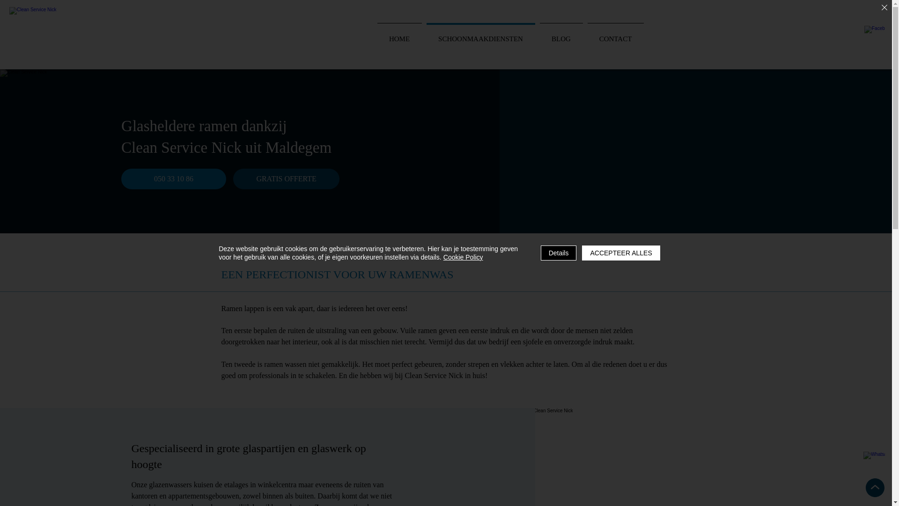  I want to click on '050 33 10 86', so click(173, 179).